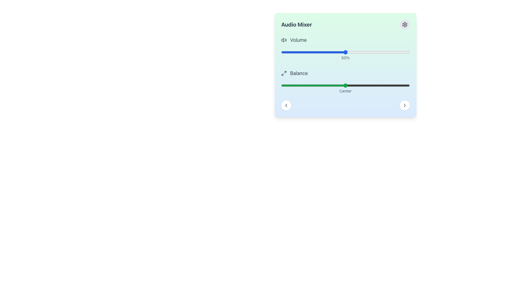 Image resolution: width=532 pixels, height=299 pixels. I want to click on the volume, so click(408, 52).